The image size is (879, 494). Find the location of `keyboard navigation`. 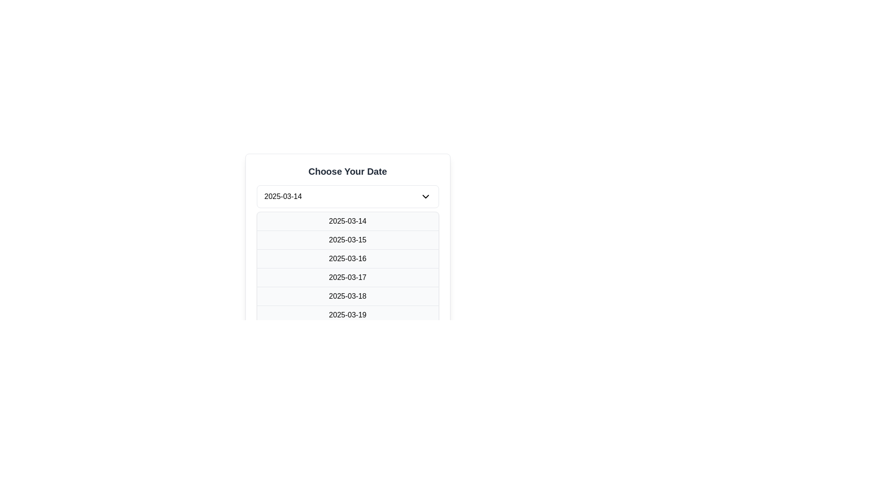

keyboard navigation is located at coordinates (347, 314).